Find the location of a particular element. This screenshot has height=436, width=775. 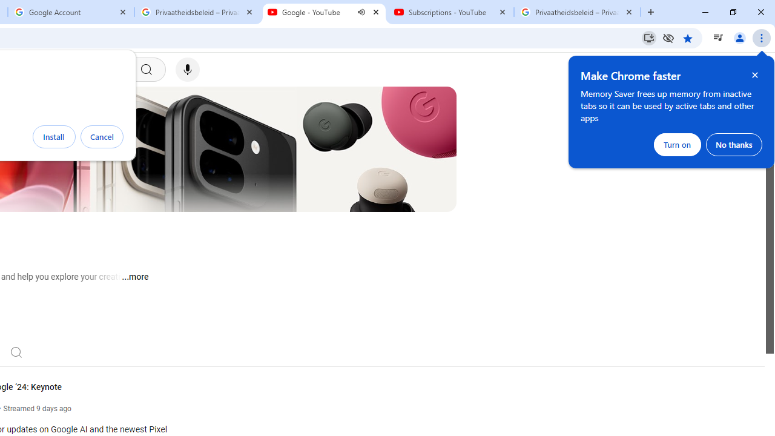

'Install' is located at coordinates (53, 136).